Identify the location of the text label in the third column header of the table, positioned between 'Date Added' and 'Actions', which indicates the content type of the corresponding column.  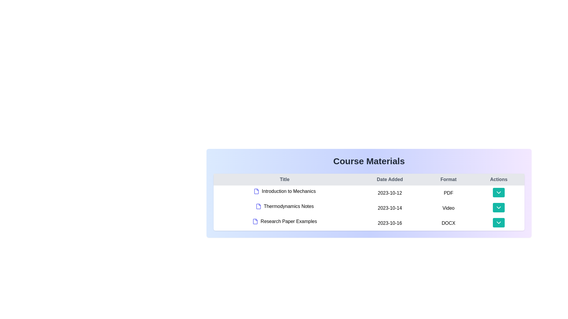
(448, 179).